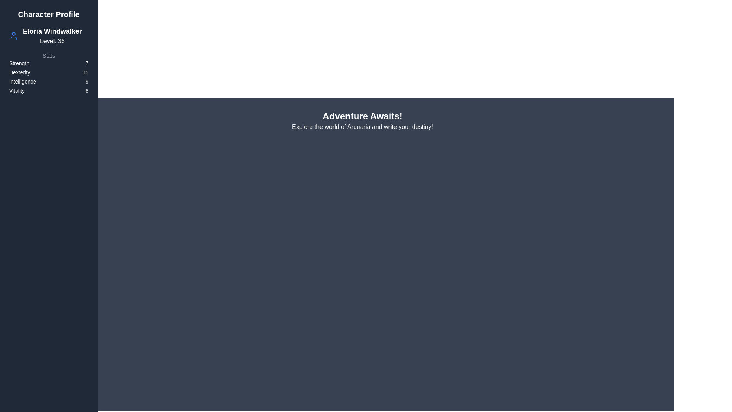 Image resolution: width=732 pixels, height=412 pixels. What do you see at coordinates (362, 116) in the screenshot?
I see `the 'Adventure Awaits!' text to interact with the main content area` at bounding box center [362, 116].